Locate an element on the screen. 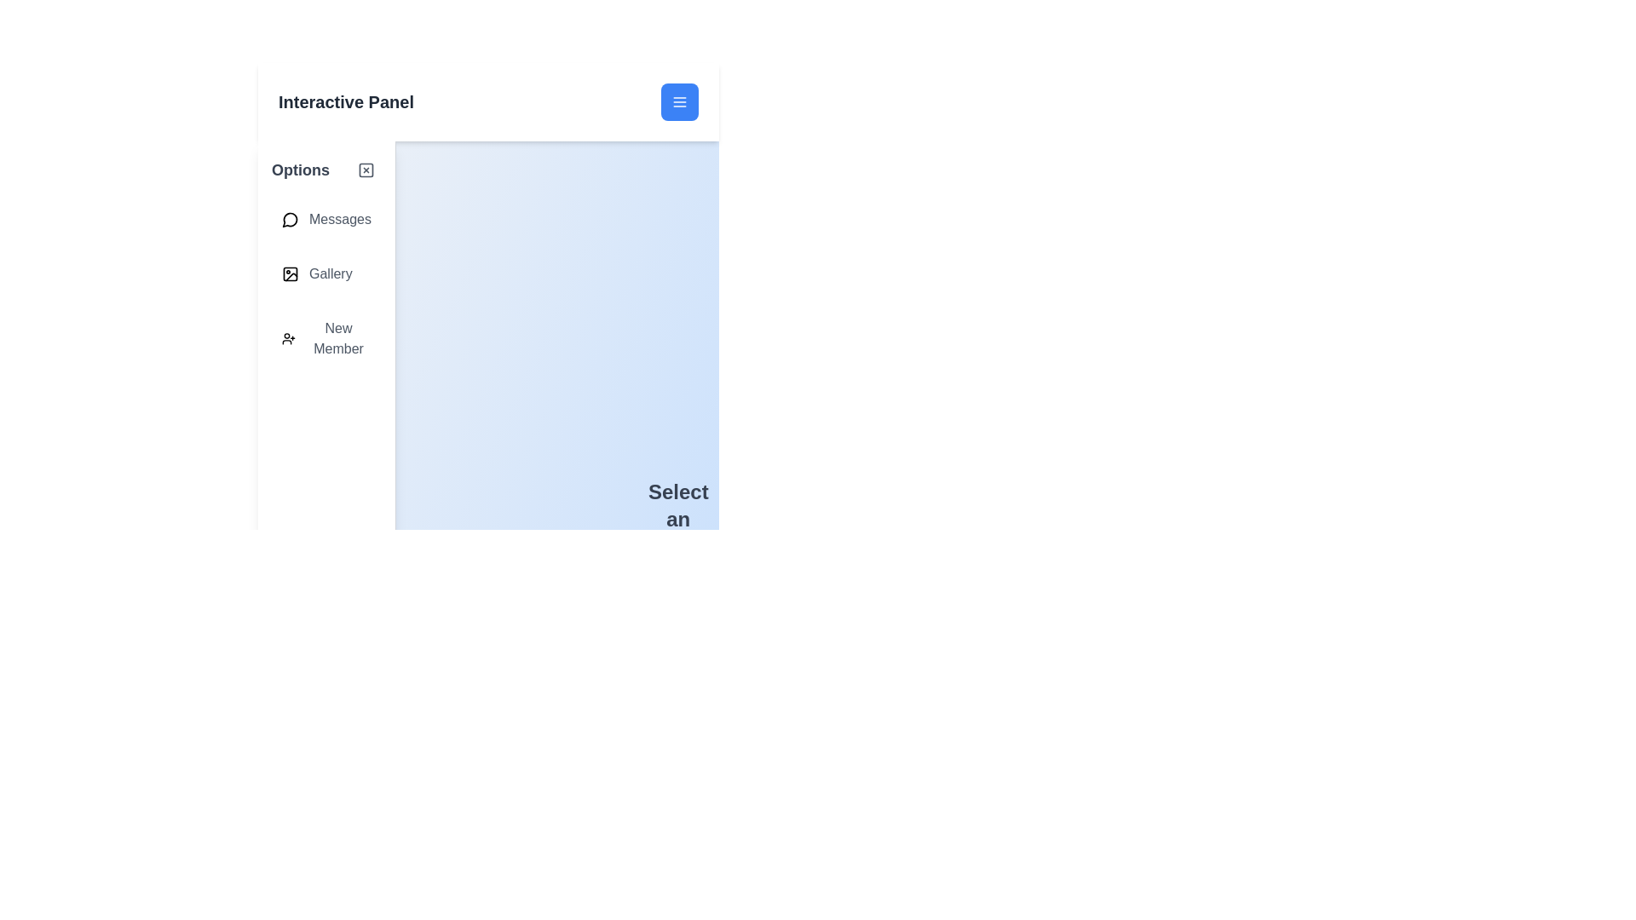  the 'Messages' text label, which is styled in gray sans-serif font and located in the top left of the navigation panel, next to a speech bubble icon is located at coordinates (340, 219).